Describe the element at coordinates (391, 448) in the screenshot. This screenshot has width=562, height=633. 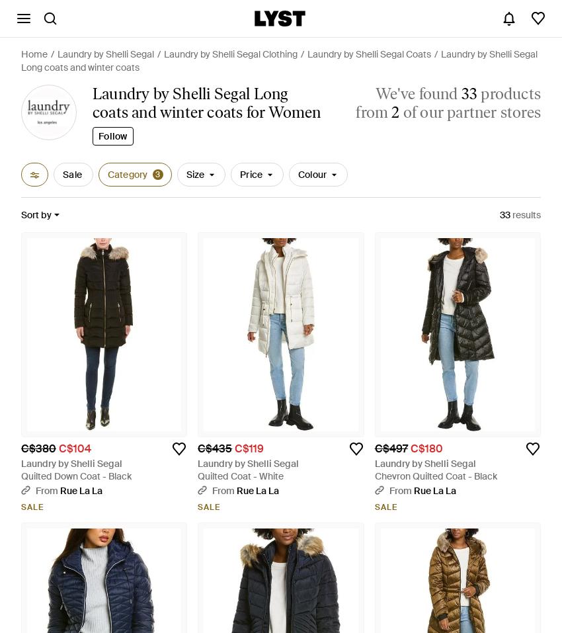
I see `'C$497'` at that location.